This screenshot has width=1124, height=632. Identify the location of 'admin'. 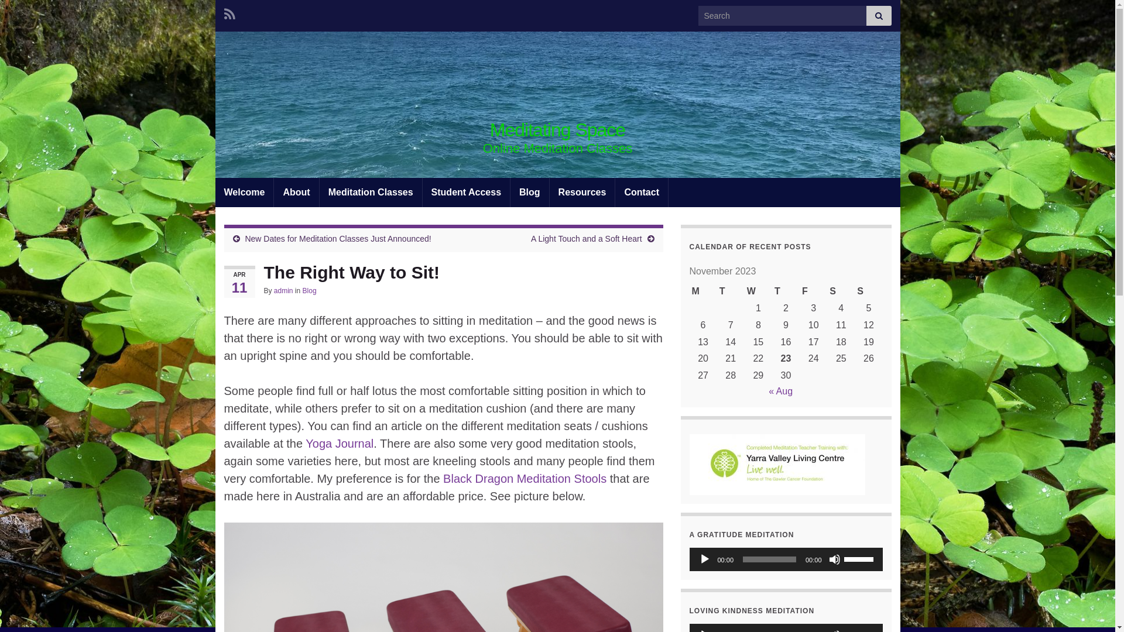
(283, 290).